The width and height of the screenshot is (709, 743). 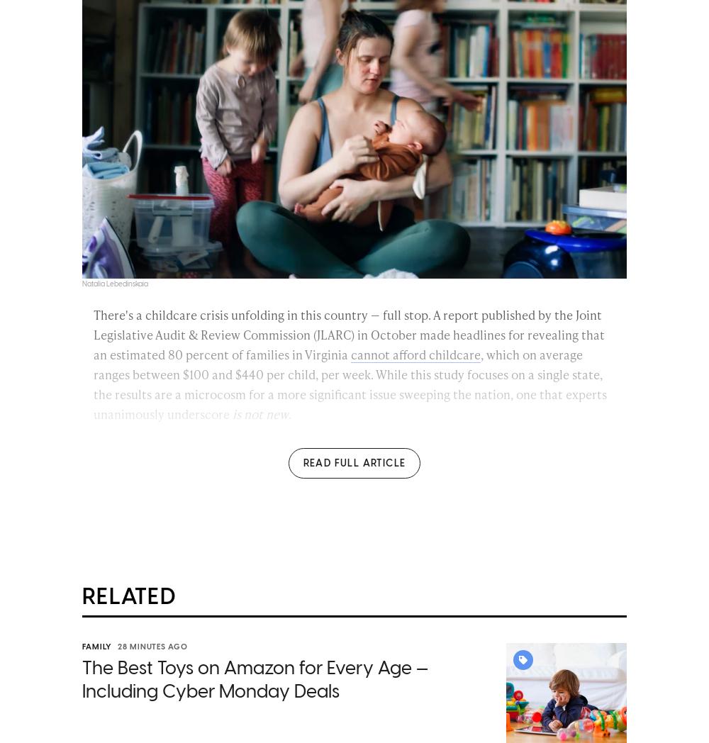 What do you see at coordinates (350, 385) in the screenshot?
I see `', which on average ranges between $100 and $440 per child, per week. While this study focuses on a single state, the results are a microcosm for a more significant issue sweeping the nation, one that experts unanimously underscore'` at bounding box center [350, 385].